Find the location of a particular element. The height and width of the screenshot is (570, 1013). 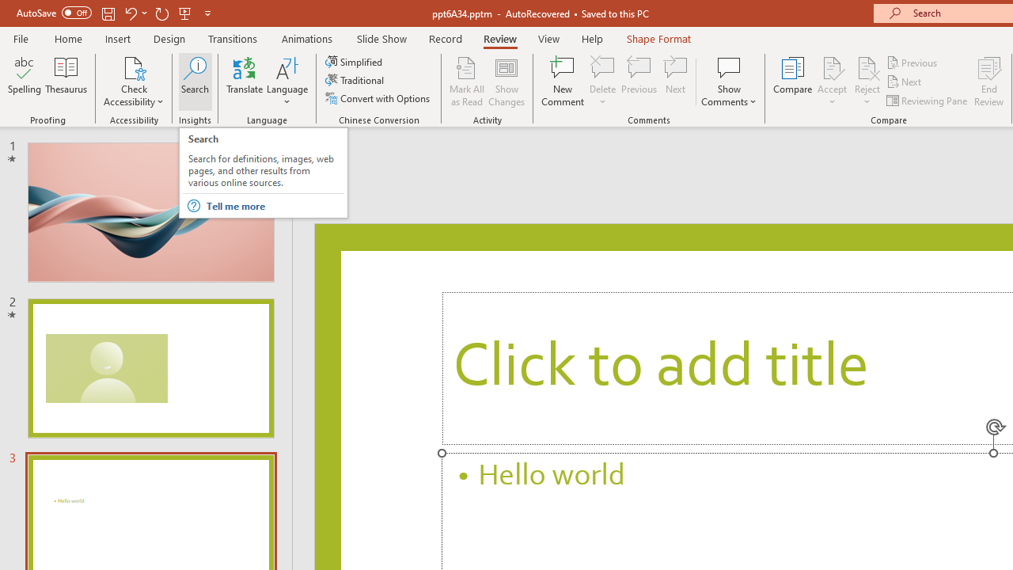

'Traditional' is located at coordinates (355, 80).